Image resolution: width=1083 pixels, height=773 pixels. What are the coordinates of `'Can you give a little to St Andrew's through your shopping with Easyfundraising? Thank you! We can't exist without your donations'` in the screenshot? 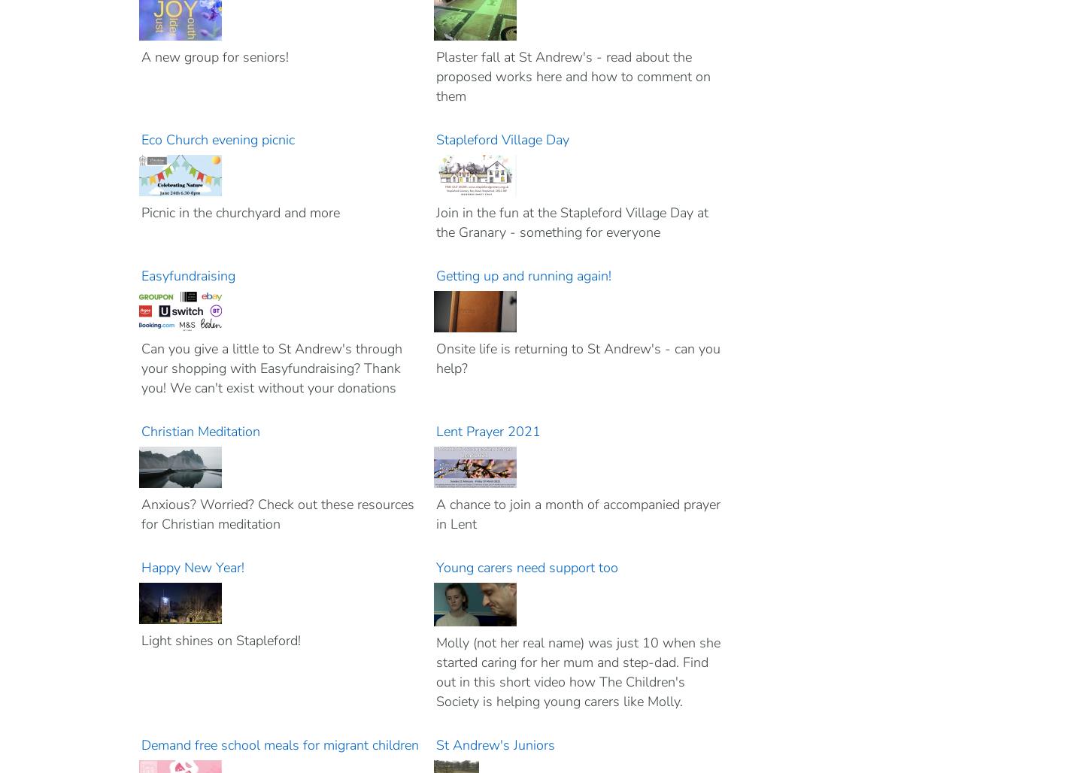 It's located at (271, 368).